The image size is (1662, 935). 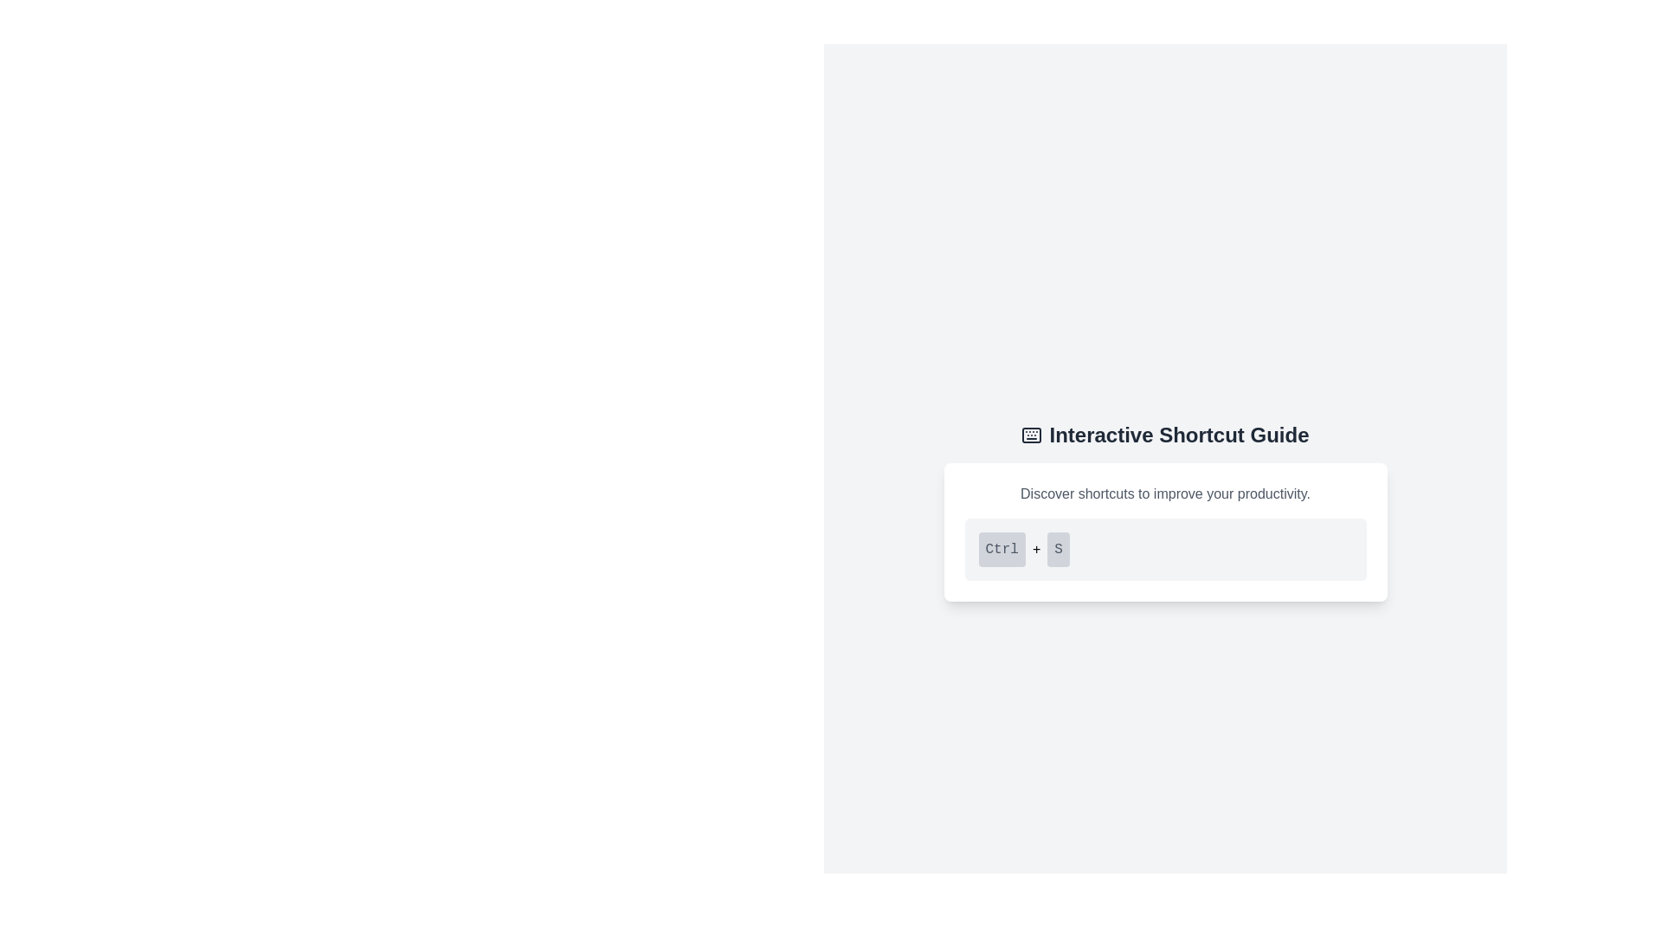 I want to click on header text 'Interactive Shortcut Guide' which is presented in bold with a keyboard icon to its left, located at the top-center of the content area, so click(x=1165, y=434).